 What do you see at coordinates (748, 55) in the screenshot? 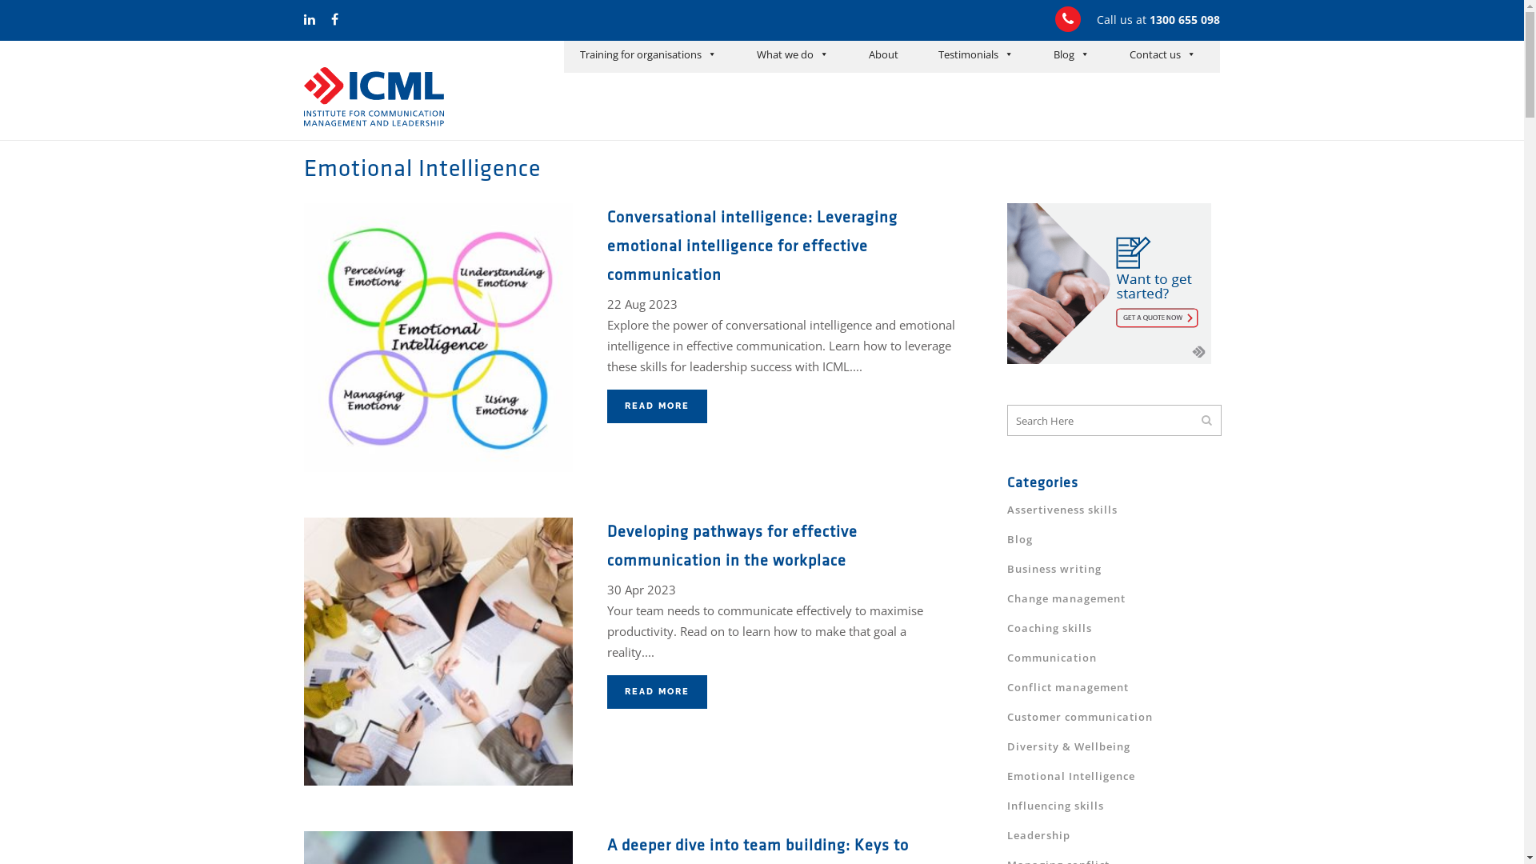
I see `'What we do'` at bounding box center [748, 55].